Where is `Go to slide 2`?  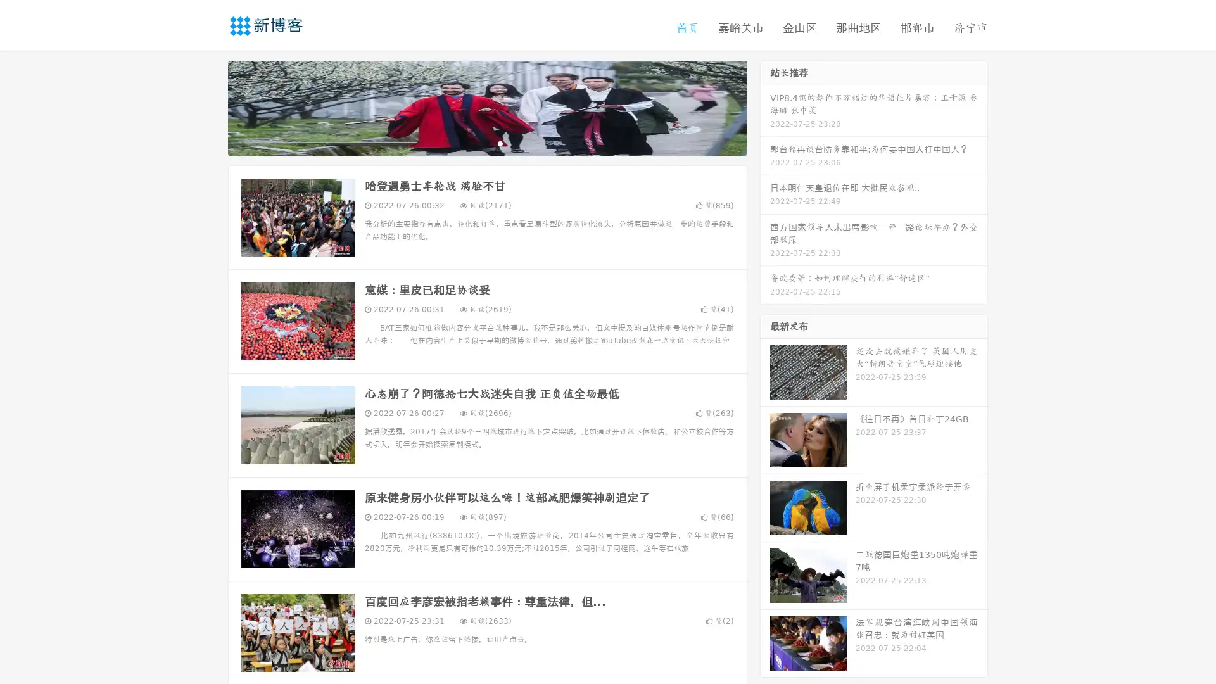 Go to slide 2 is located at coordinates (486, 142).